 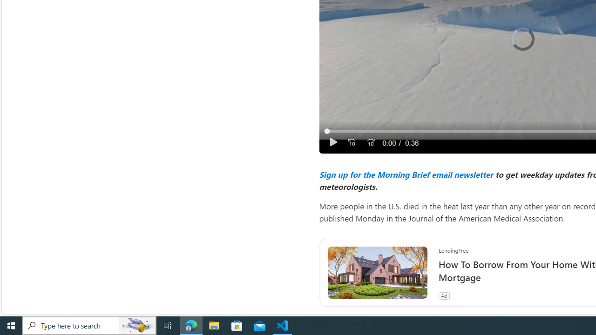 I want to click on 'Seek Forward', so click(x=370, y=142).